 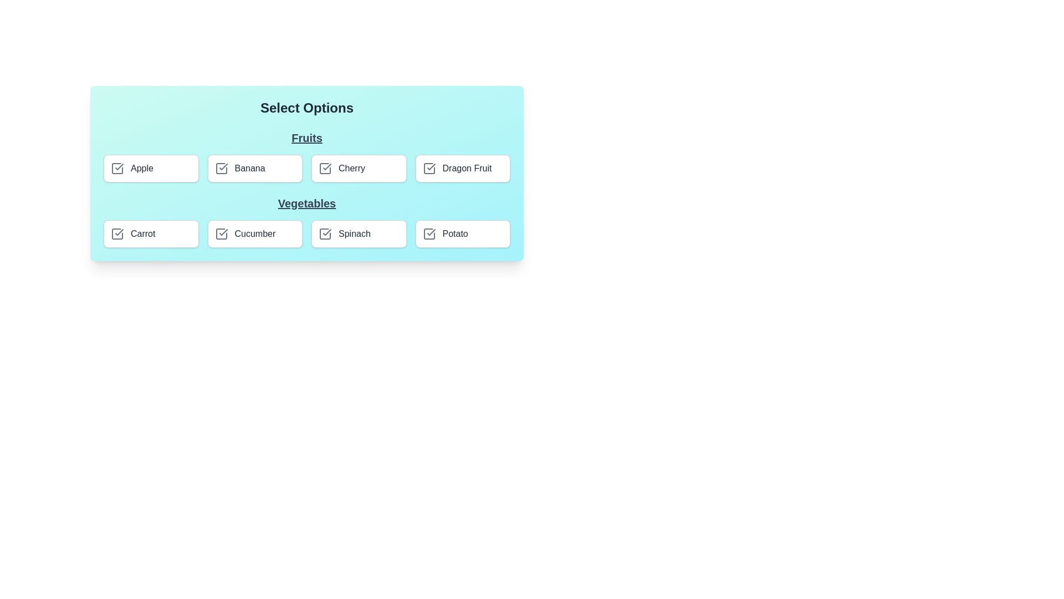 What do you see at coordinates (150, 233) in the screenshot?
I see `the selectable list item labeled 'Carrot'` at bounding box center [150, 233].